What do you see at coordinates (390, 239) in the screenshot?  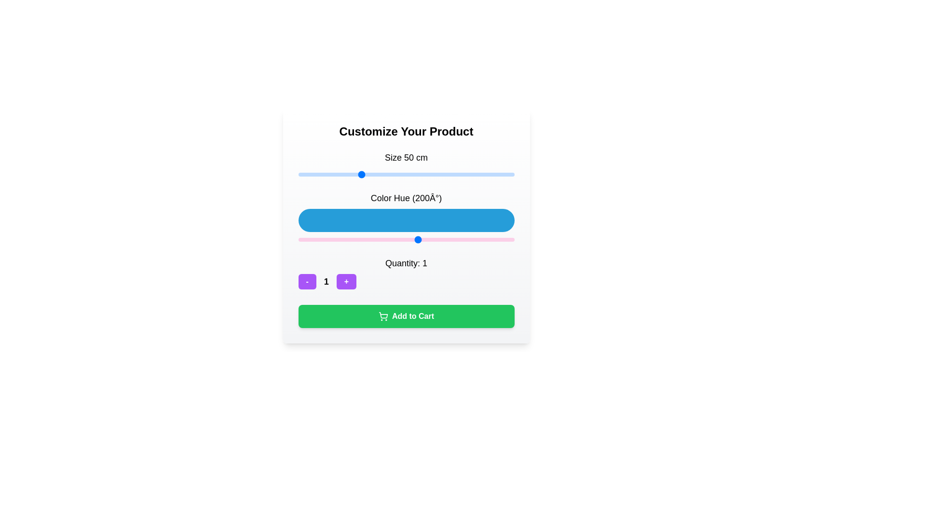 I see `the color hue slider` at bounding box center [390, 239].